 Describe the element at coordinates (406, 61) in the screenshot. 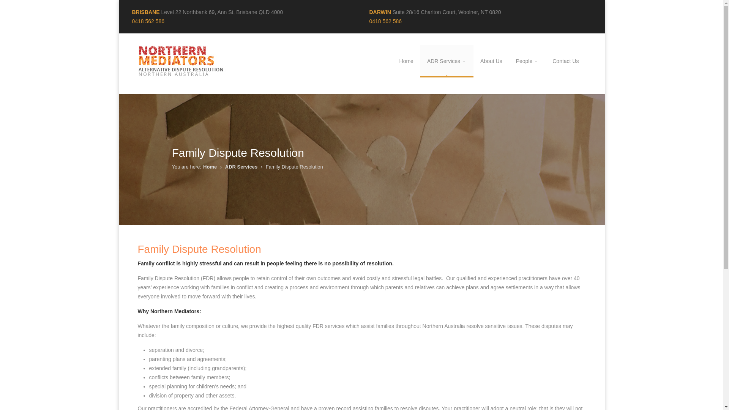

I see `'Home'` at that location.